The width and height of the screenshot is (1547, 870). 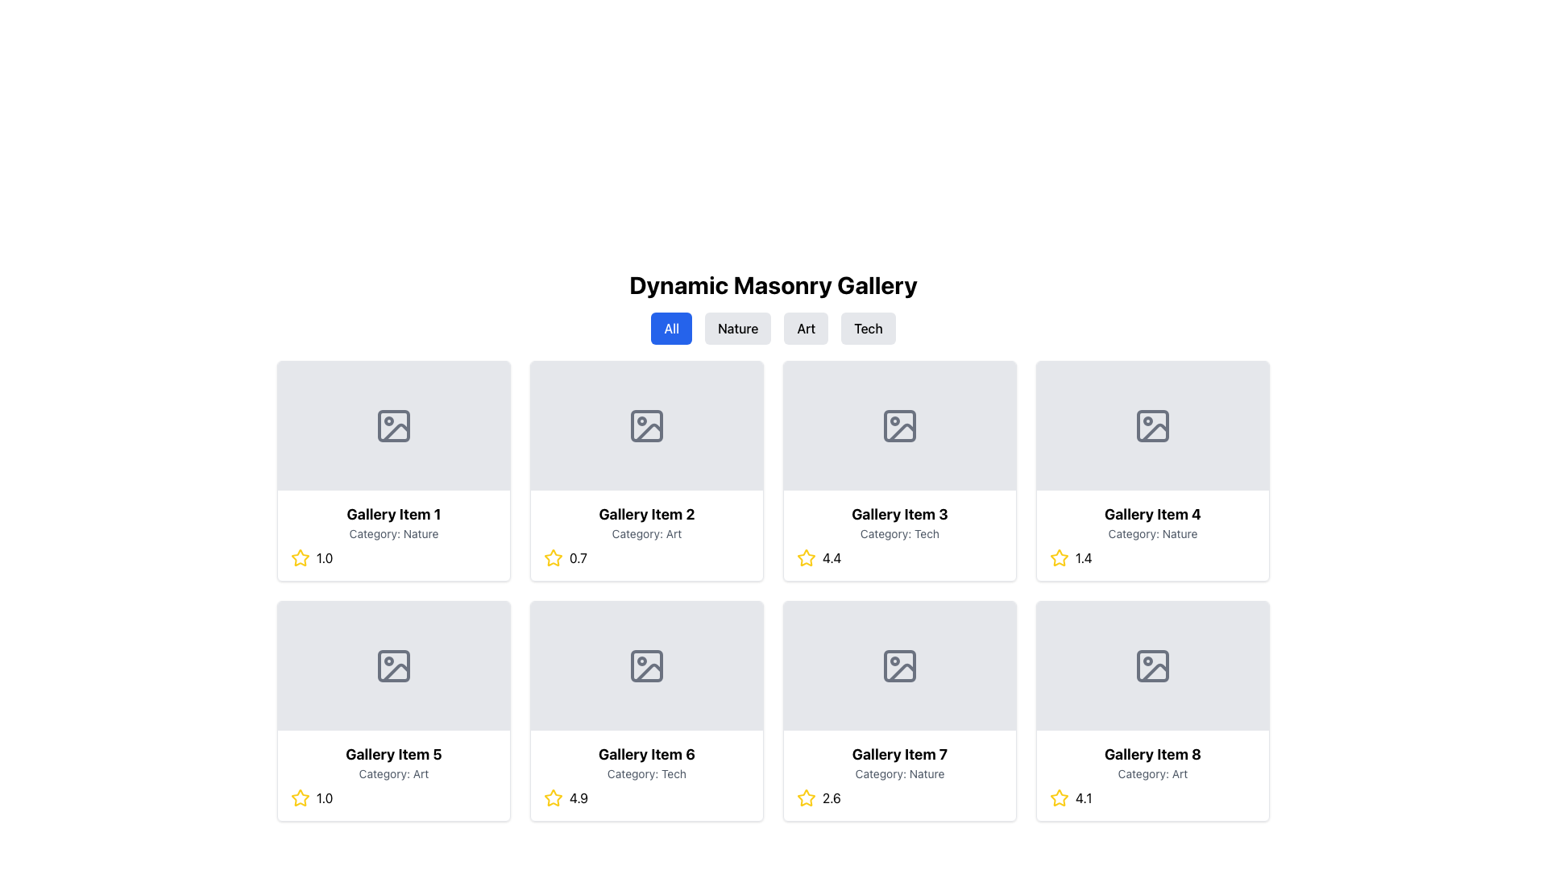 What do you see at coordinates (671, 328) in the screenshot?
I see `the first button in the horizontal row beneath the 'Dynamic Masonry Gallery' heading` at bounding box center [671, 328].